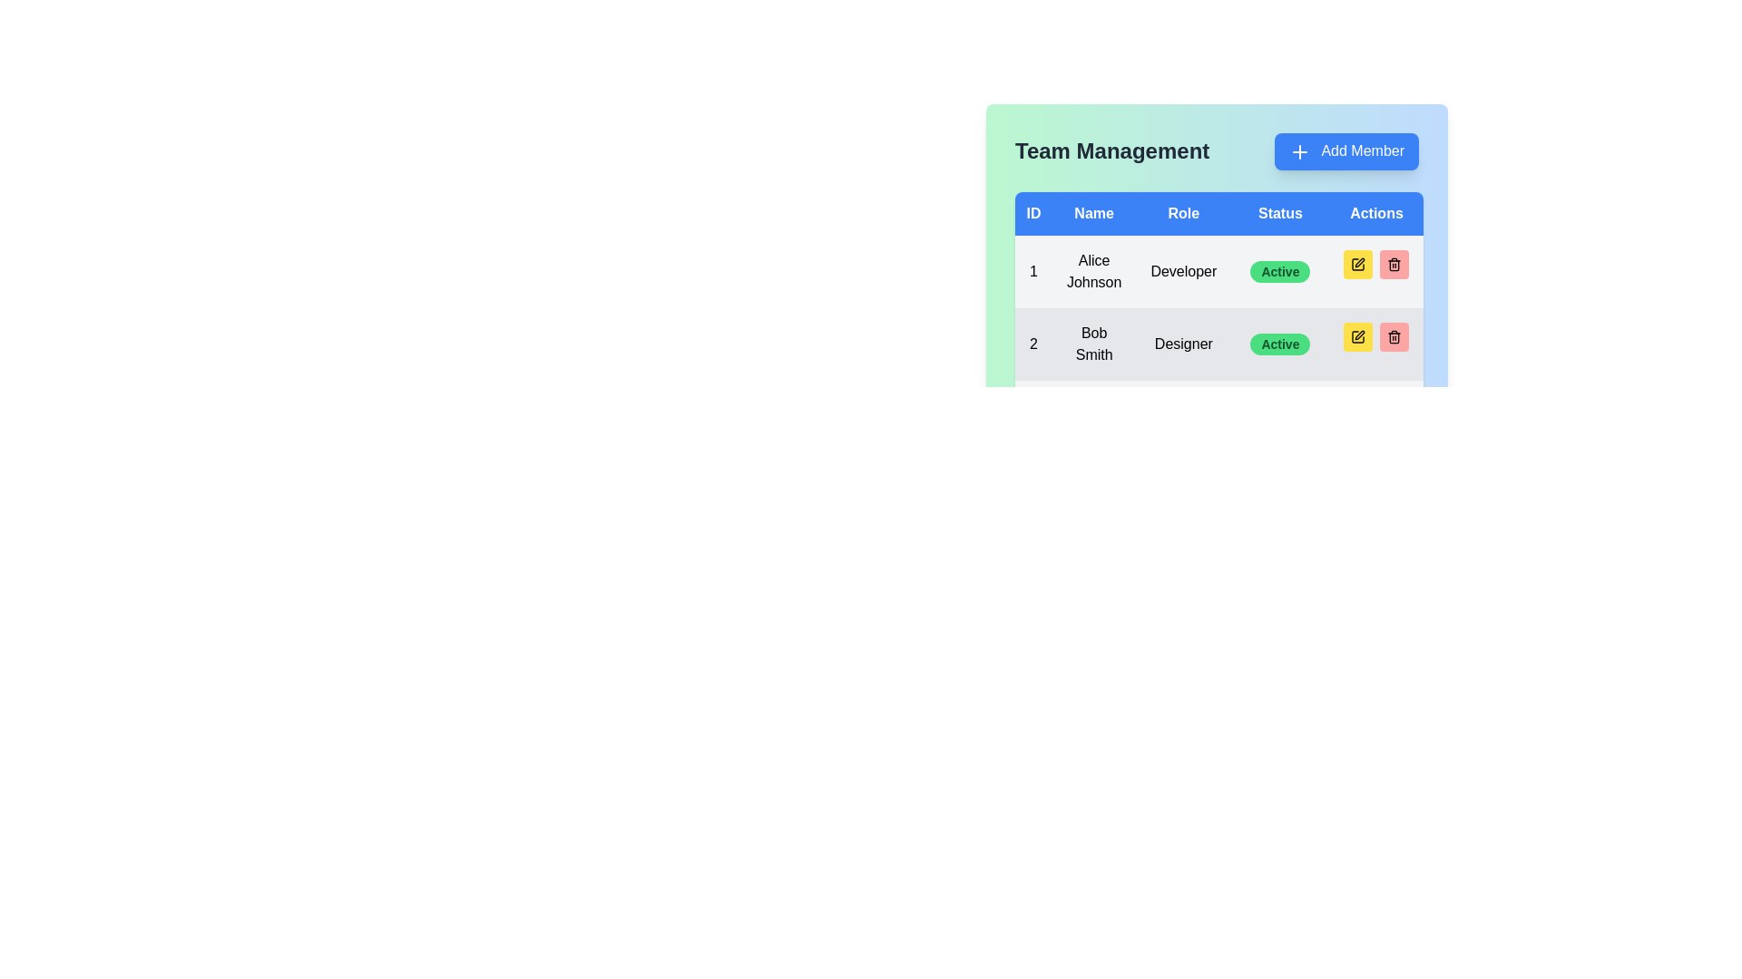 This screenshot has width=1742, height=979. What do you see at coordinates (1394, 264) in the screenshot?
I see `the delete icon button located in the 'Actions' column of the second row in the table` at bounding box center [1394, 264].